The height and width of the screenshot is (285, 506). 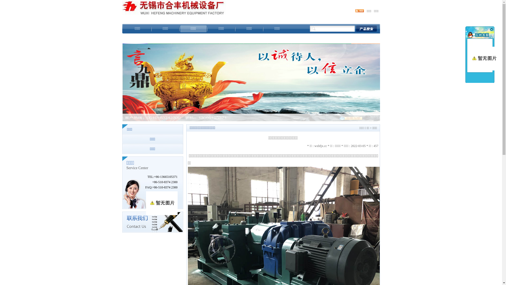 I want to click on ' ', so click(x=491, y=29).